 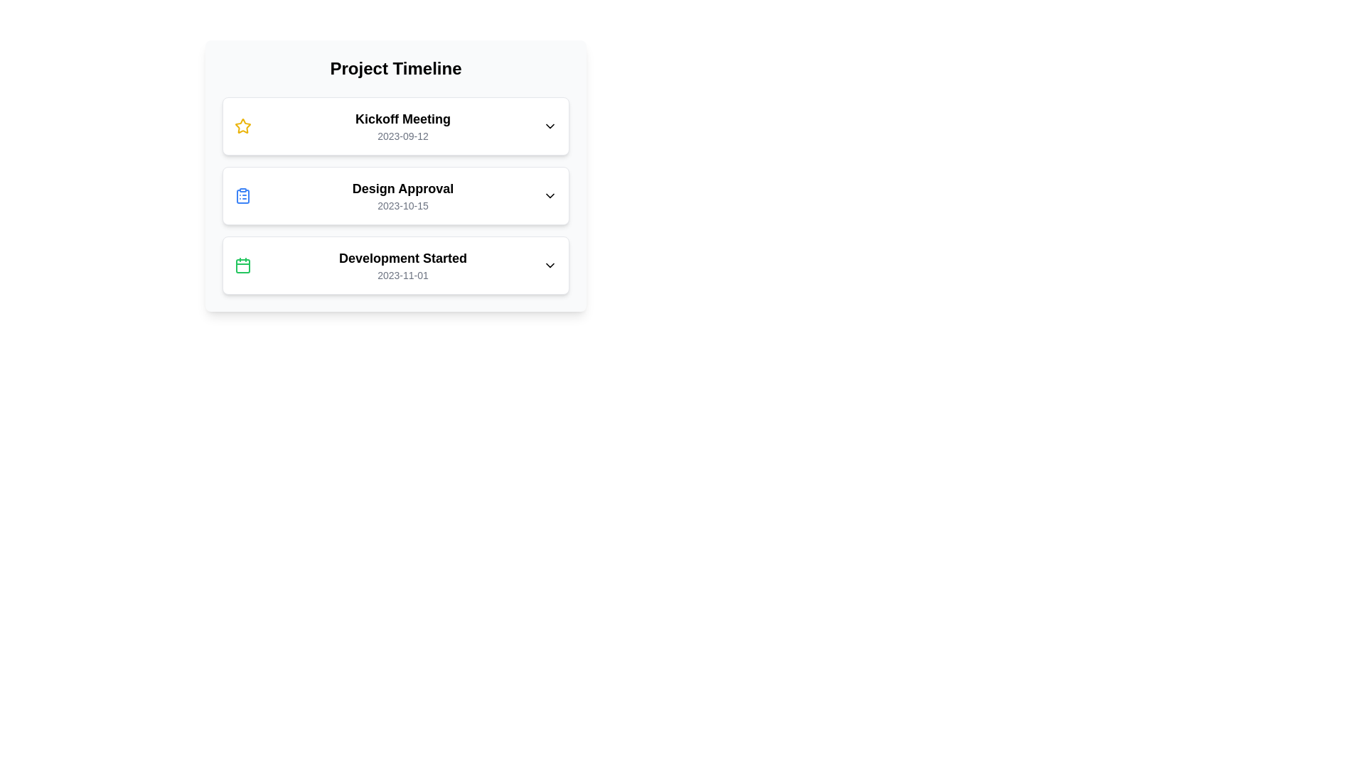 What do you see at coordinates (549, 196) in the screenshot?
I see `the down-pointing chevron icon located to the right of the 'Design Approval' text` at bounding box center [549, 196].